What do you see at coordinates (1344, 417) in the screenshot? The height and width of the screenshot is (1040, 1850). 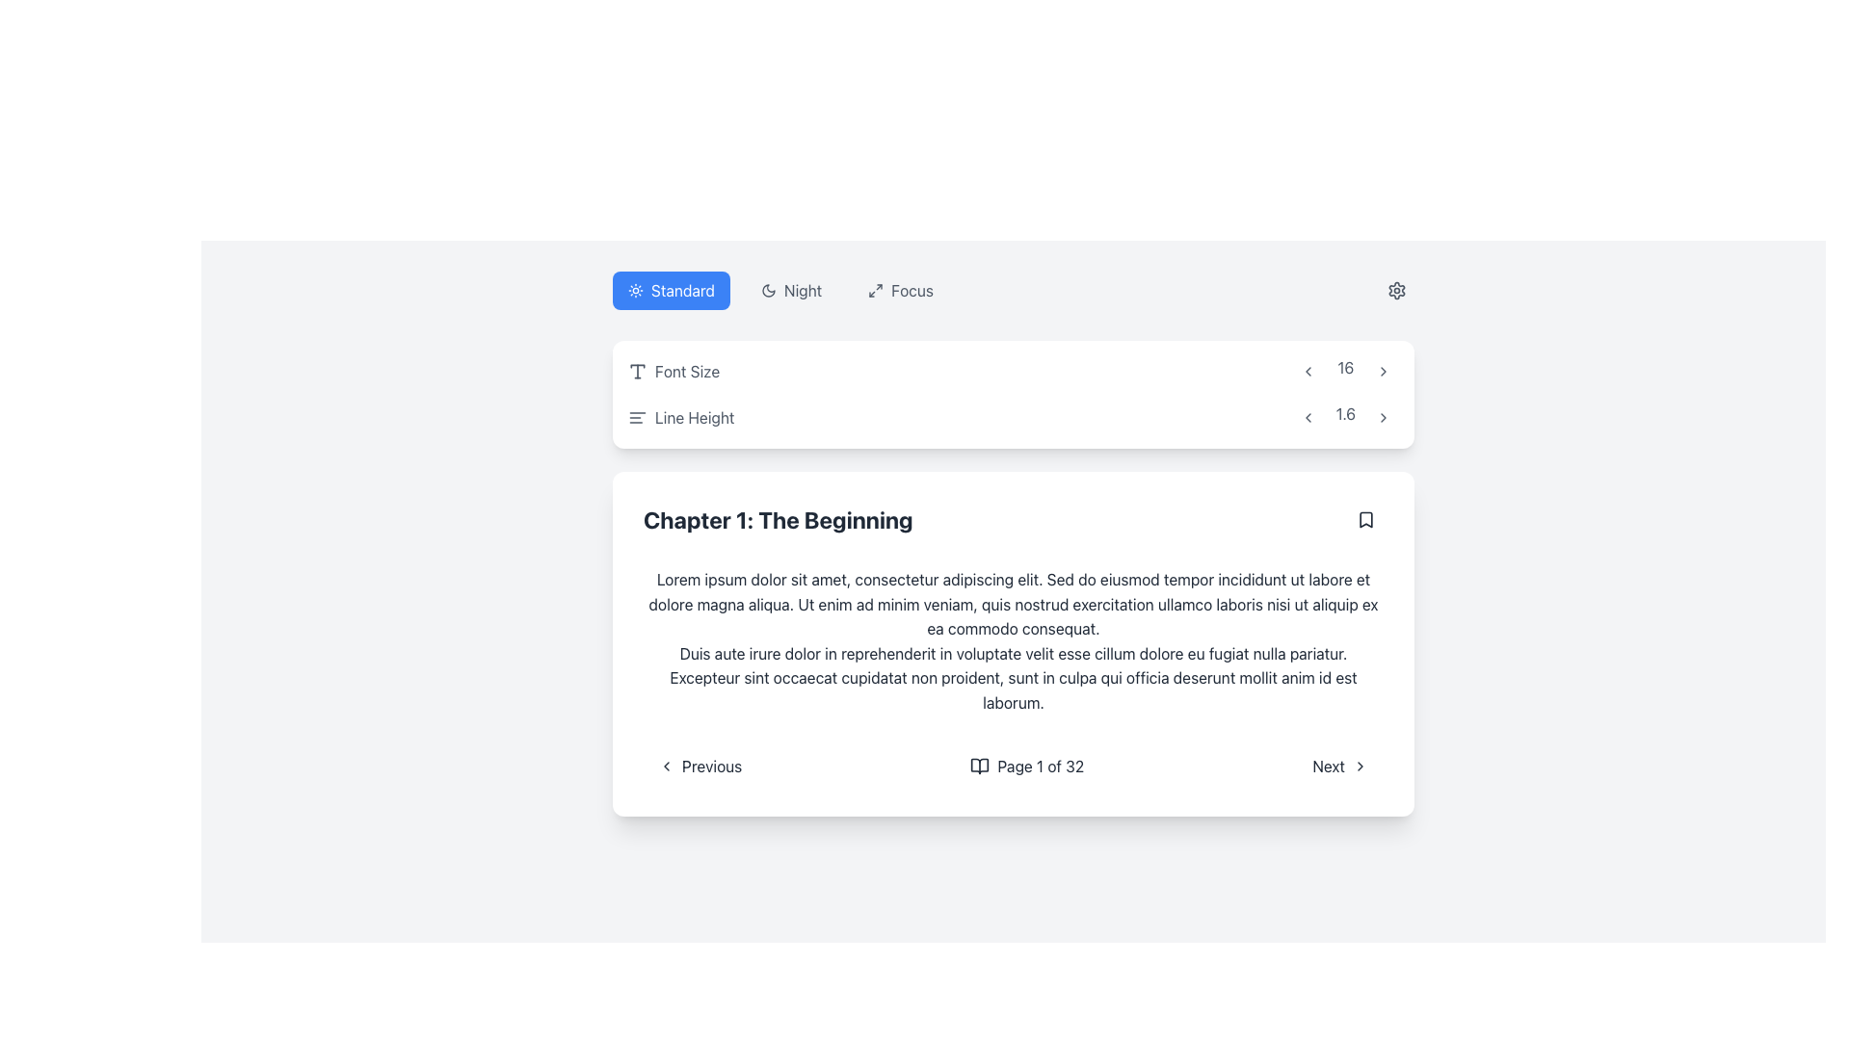 I see `the static text label that displays a numerical value, positioned centrally in a horizontal layout between navigation arrows and other indicators` at bounding box center [1344, 417].